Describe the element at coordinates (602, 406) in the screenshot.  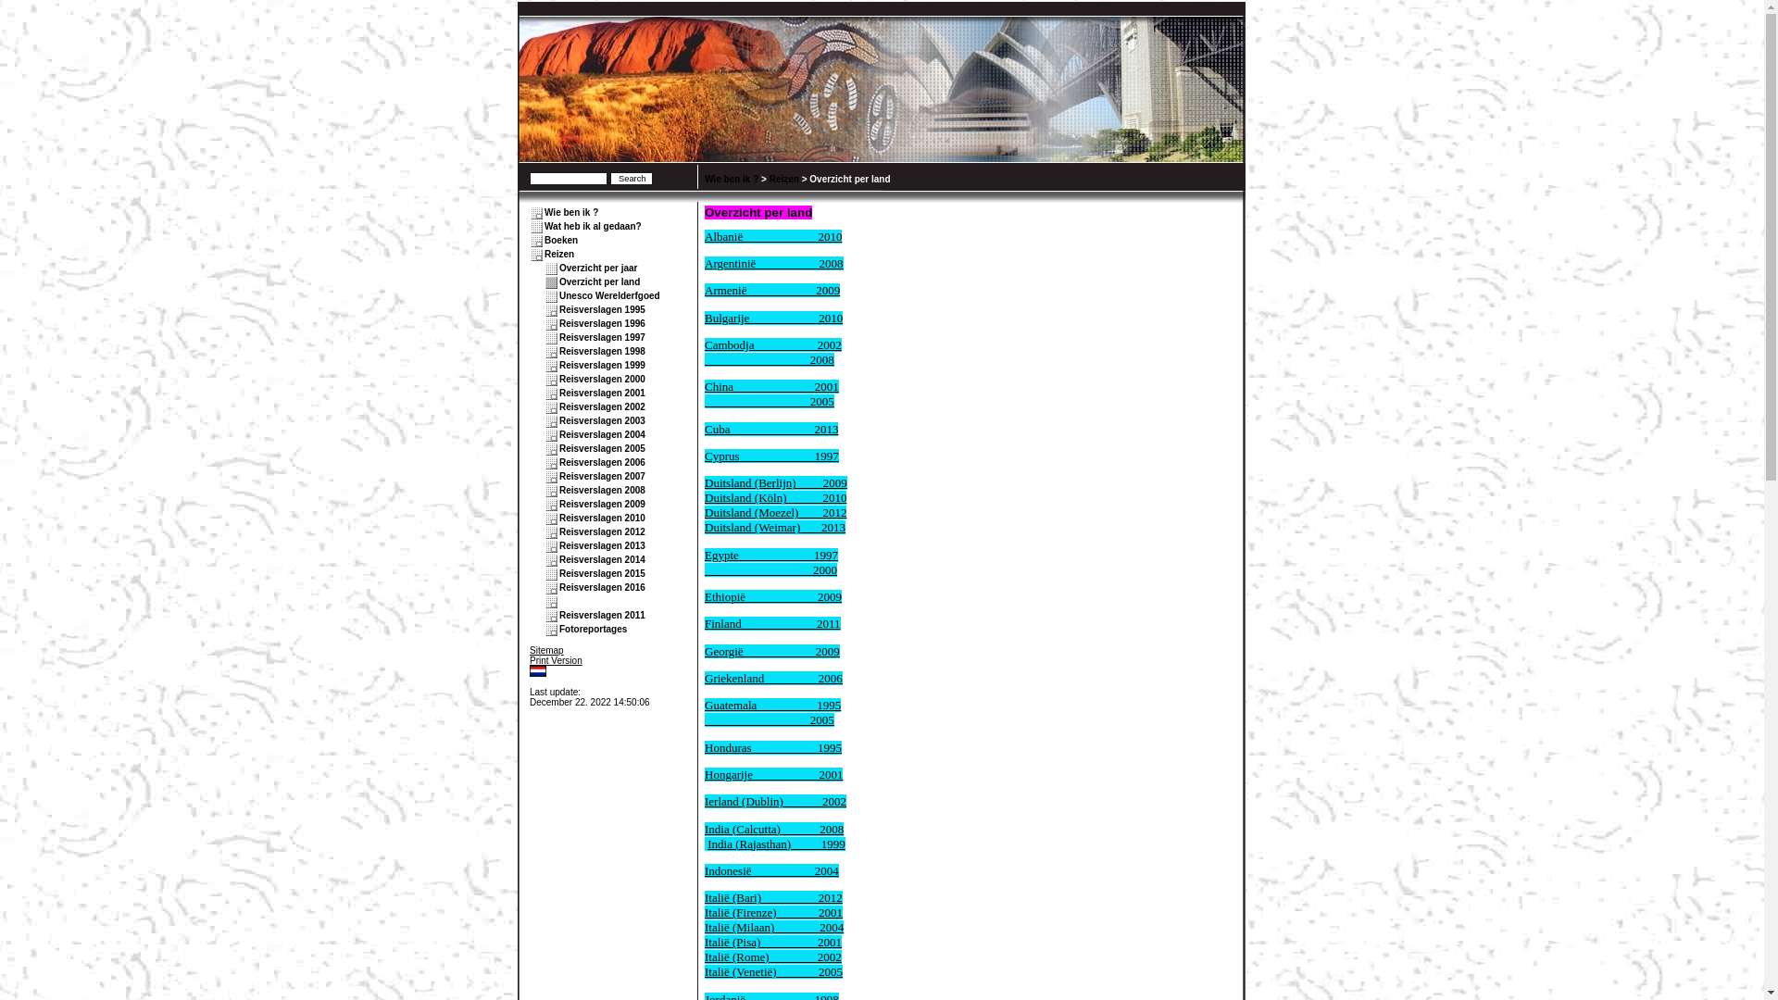
I see `'Reisverslagen 2002'` at that location.